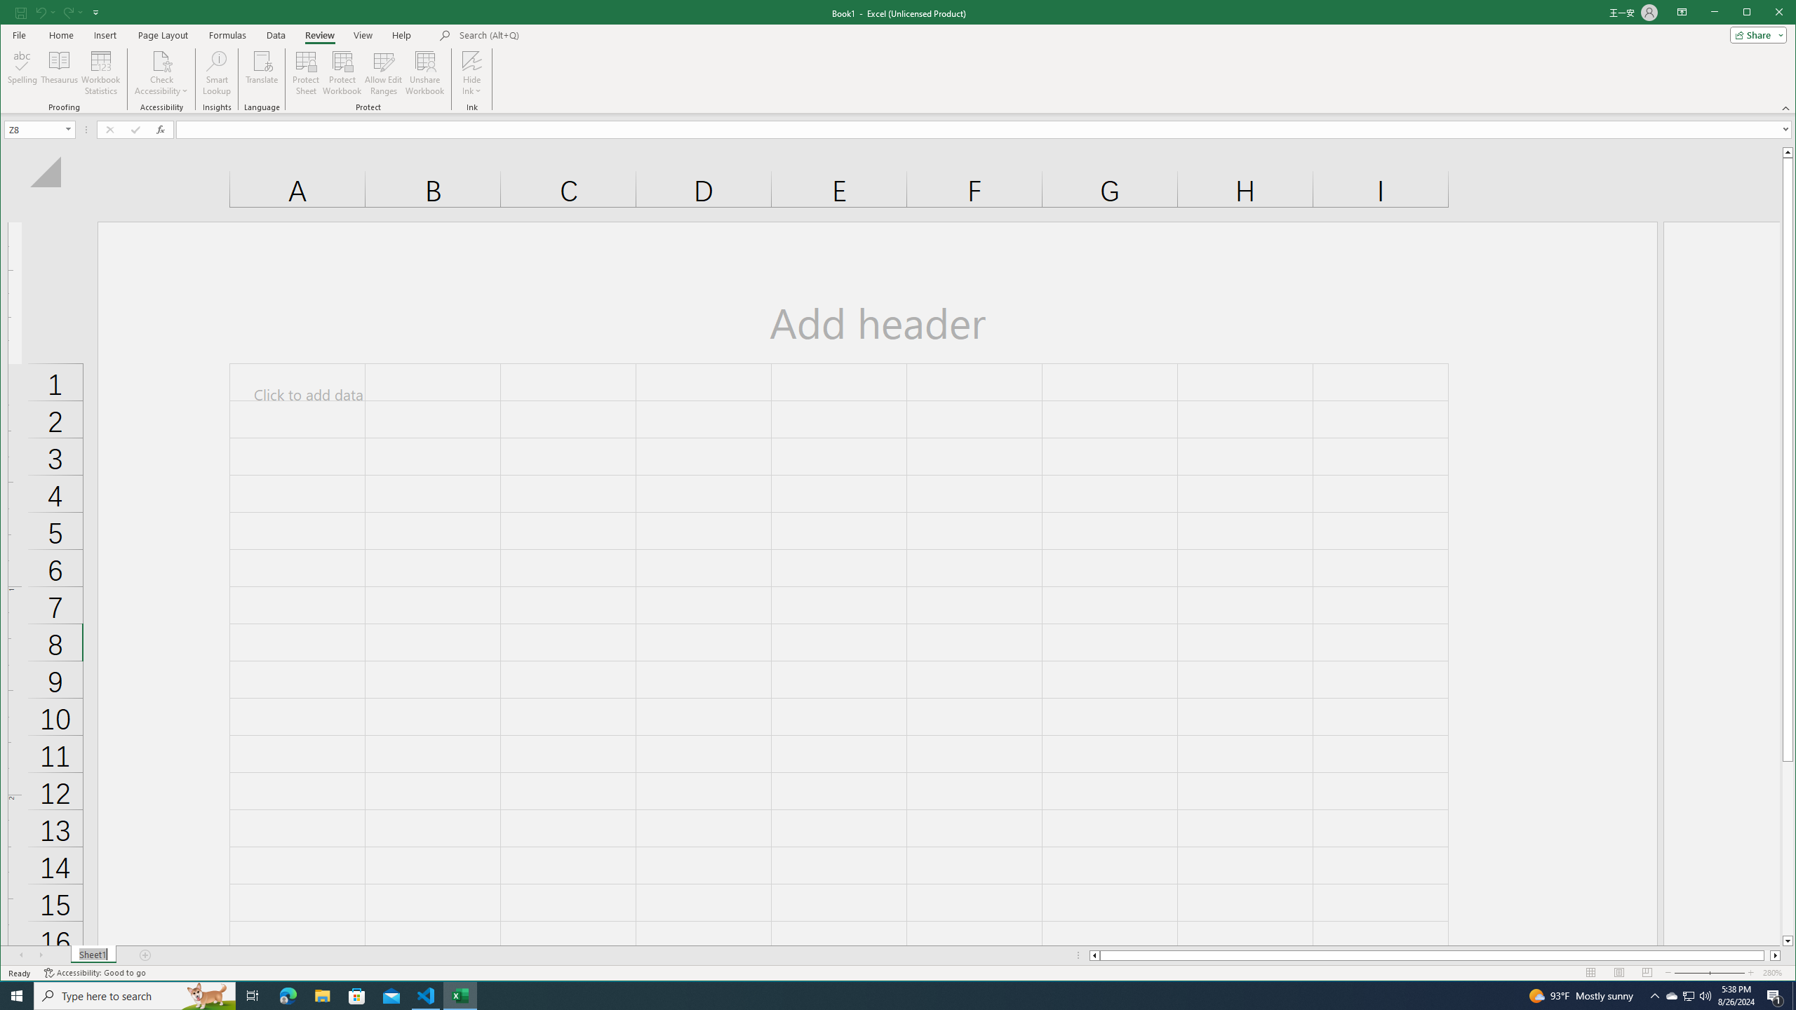 Image resolution: width=1796 pixels, height=1010 pixels. Describe the element at coordinates (556, 34) in the screenshot. I see `'Microsoft search'` at that location.